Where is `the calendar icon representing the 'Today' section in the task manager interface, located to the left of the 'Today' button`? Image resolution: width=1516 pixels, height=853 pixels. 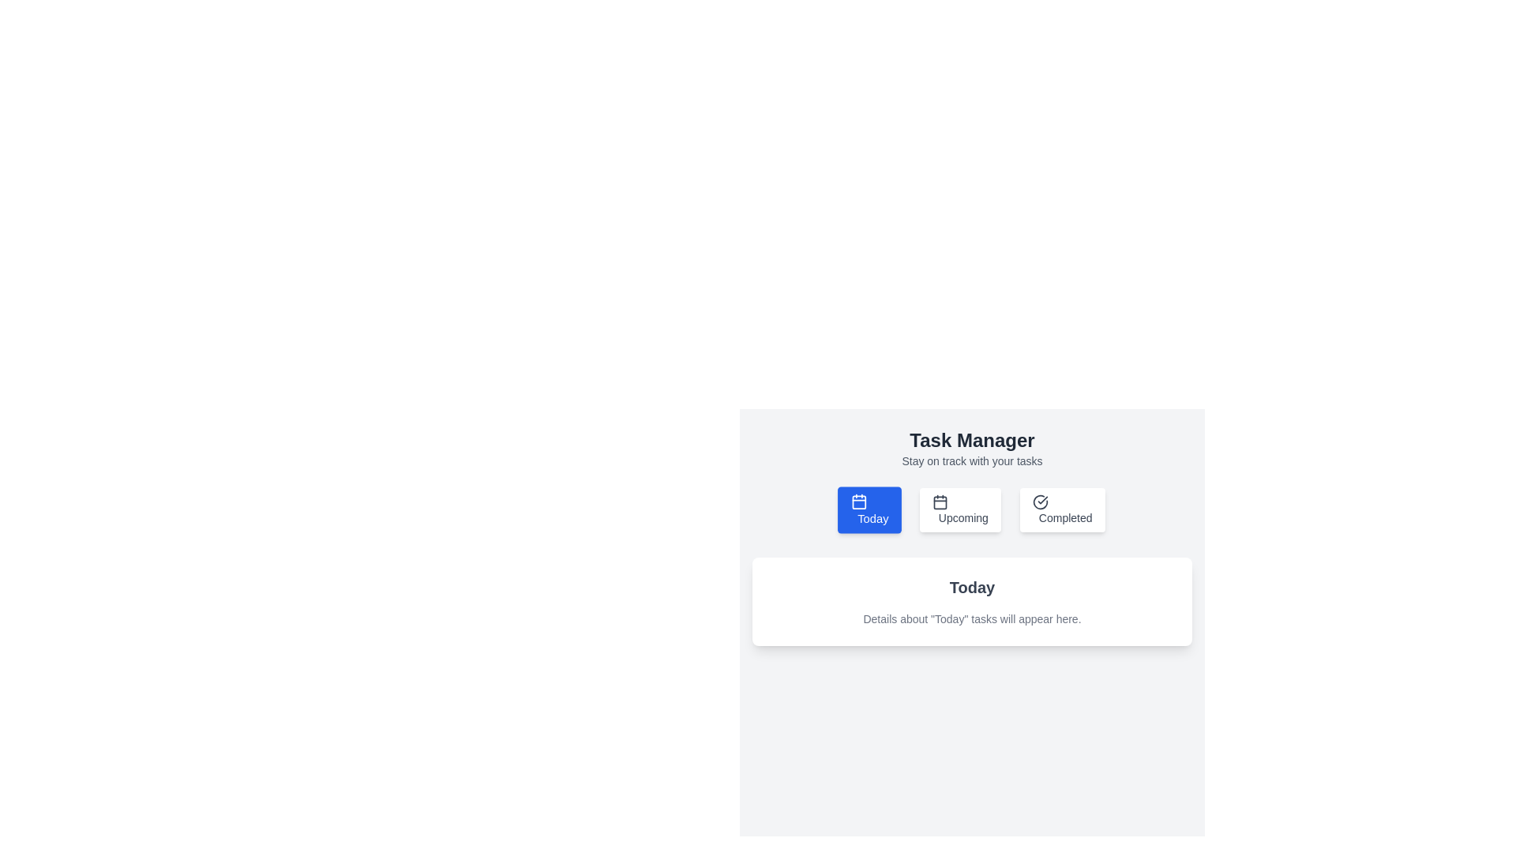
the calendar icon representing the 'Today' section in the task manager interface, located to the left of the 'Today' button is located at coordinates (858, 502).